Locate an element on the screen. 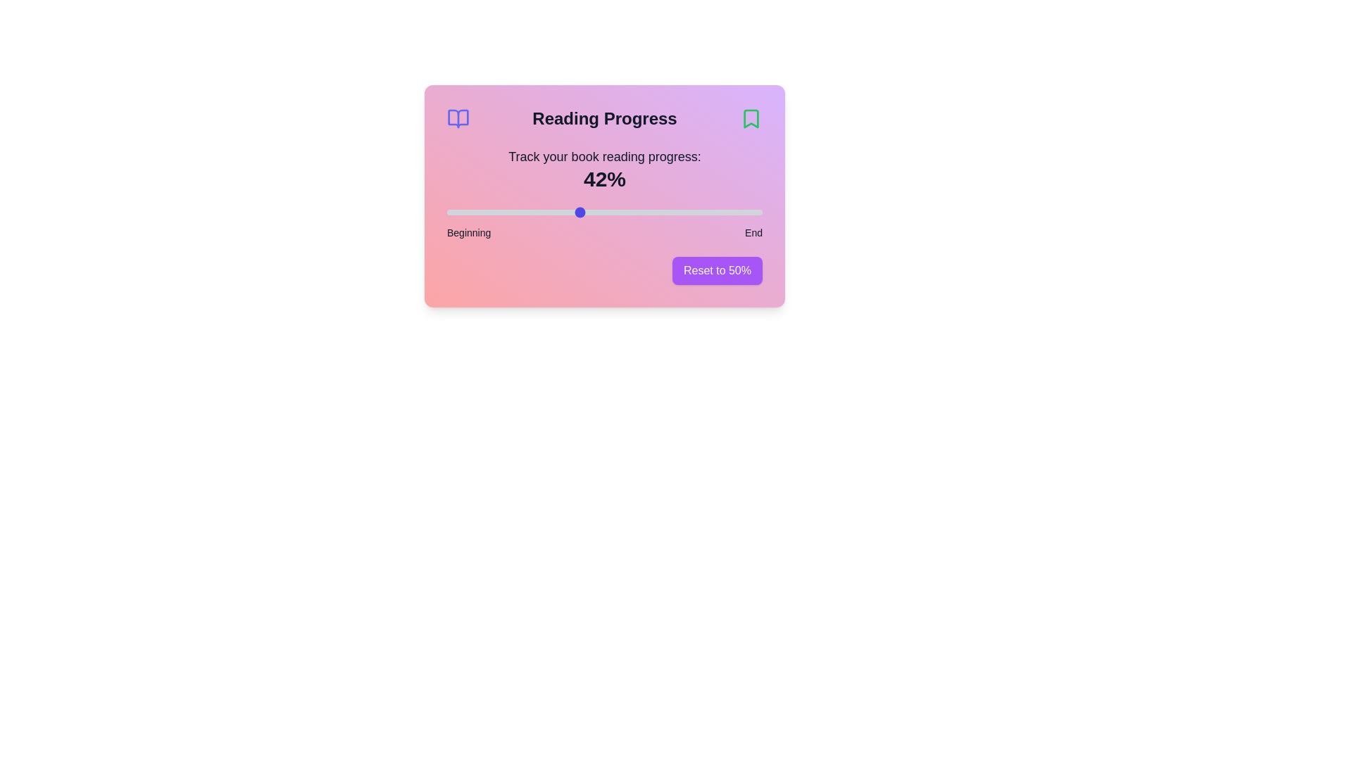 This screenshot has width=1352, height=760. the reading progress slider to 58% is located at coordinates (629, 212).